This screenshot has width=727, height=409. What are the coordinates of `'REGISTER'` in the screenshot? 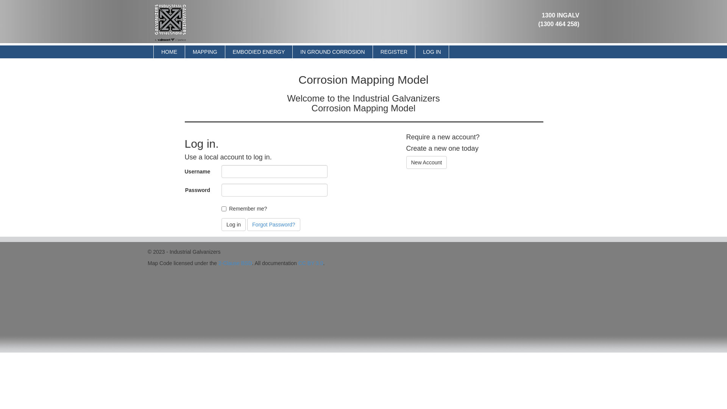 It's located at (373, 52).